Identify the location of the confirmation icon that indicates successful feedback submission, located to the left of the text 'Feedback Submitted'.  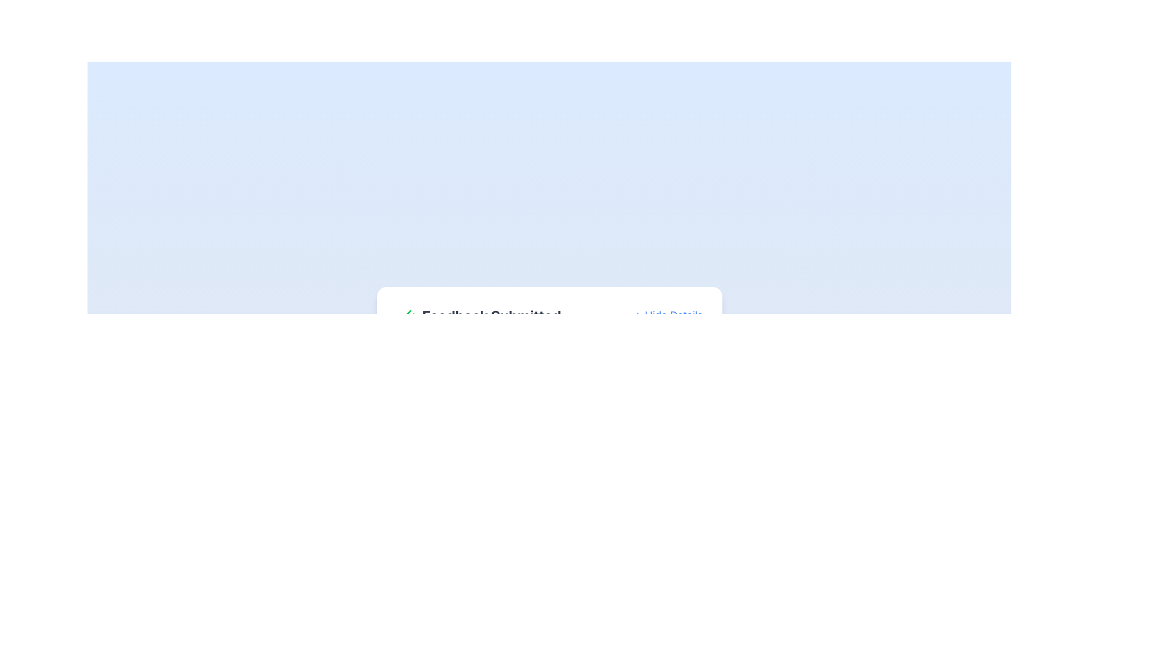
(405, 315).